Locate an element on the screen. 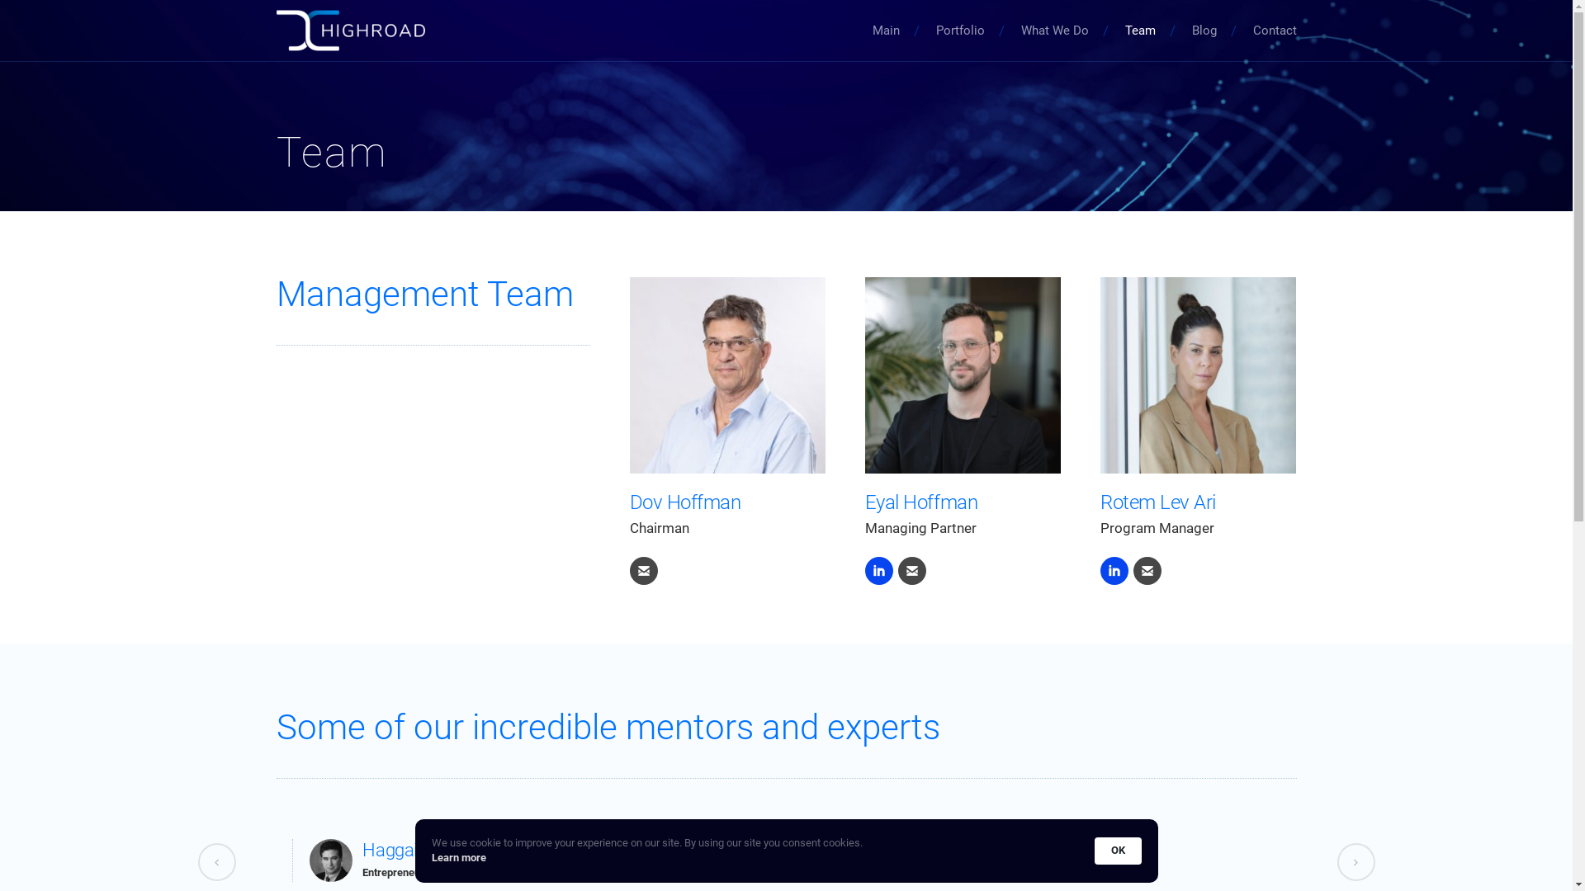  'Eyal-1-77b-SQ-comp - Copy' is located at coordinates (863, 375).